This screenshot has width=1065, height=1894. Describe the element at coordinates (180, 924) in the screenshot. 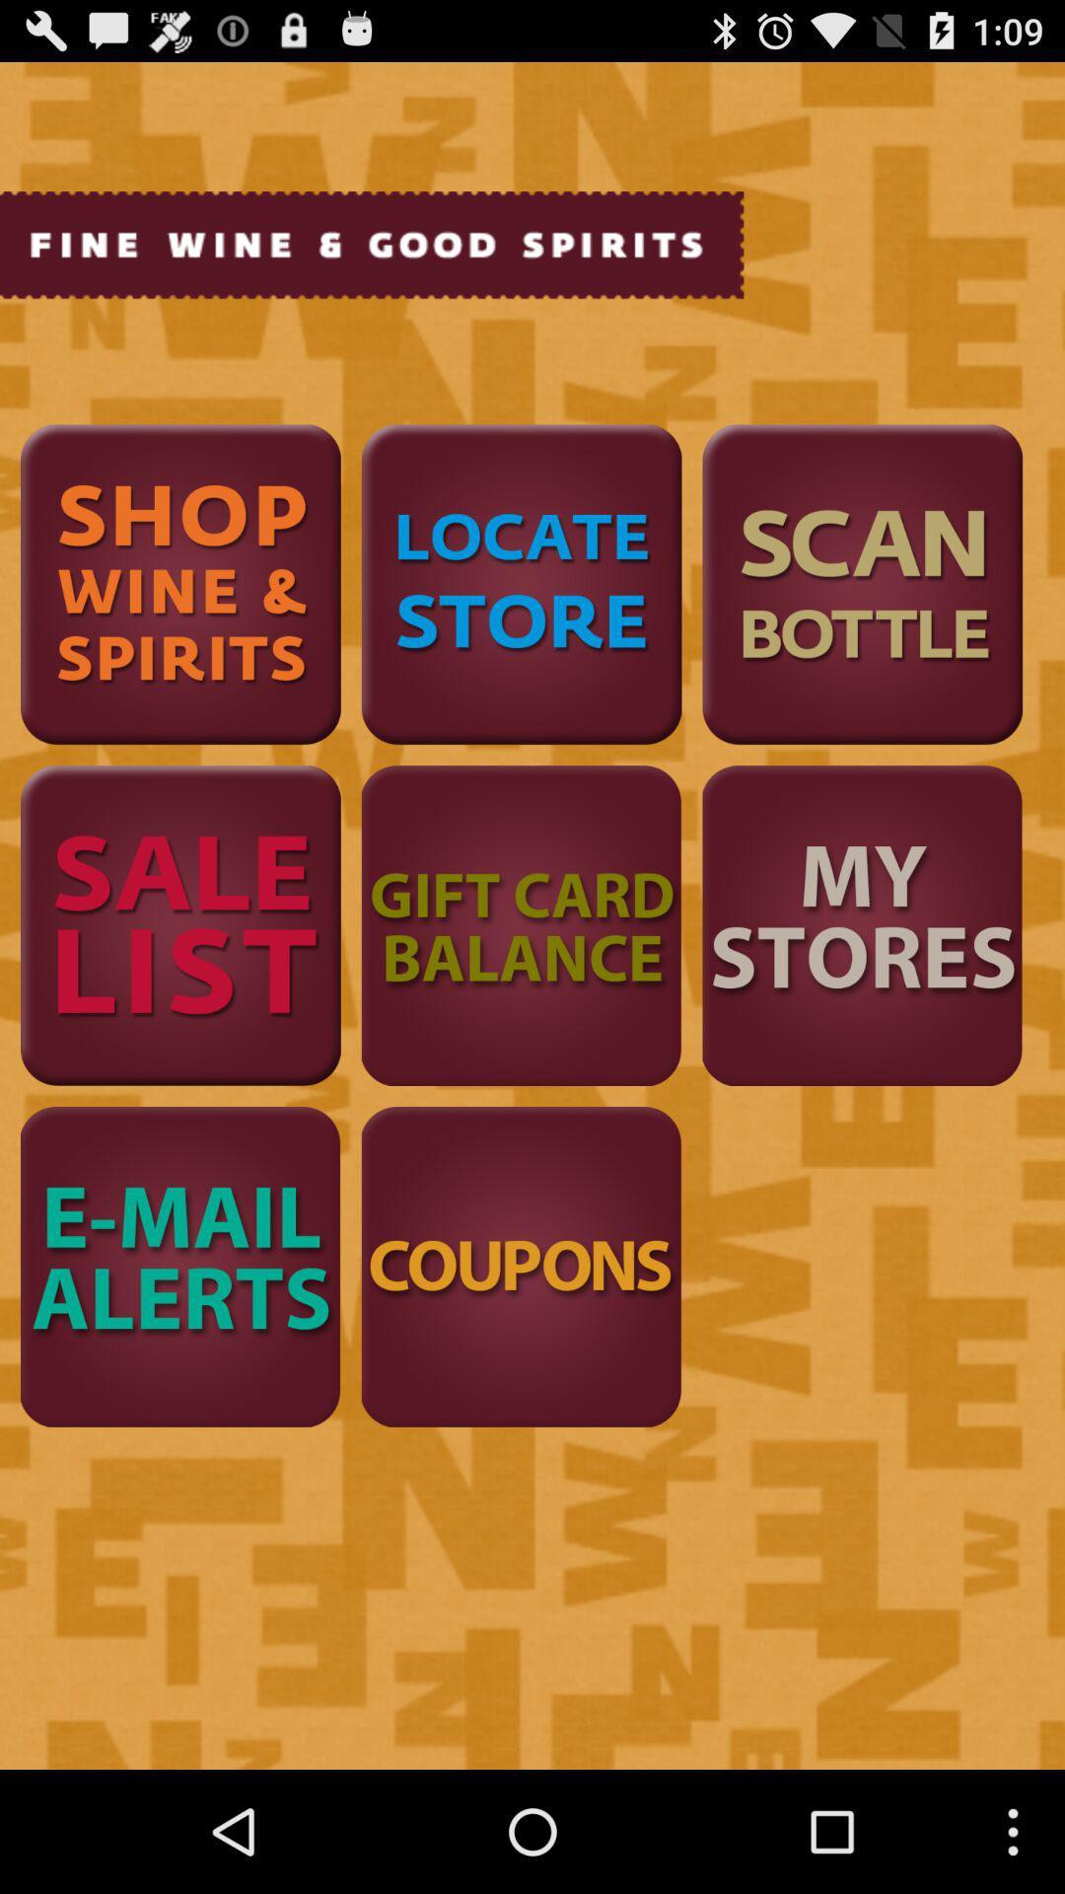

I see `the sale list` at that location.